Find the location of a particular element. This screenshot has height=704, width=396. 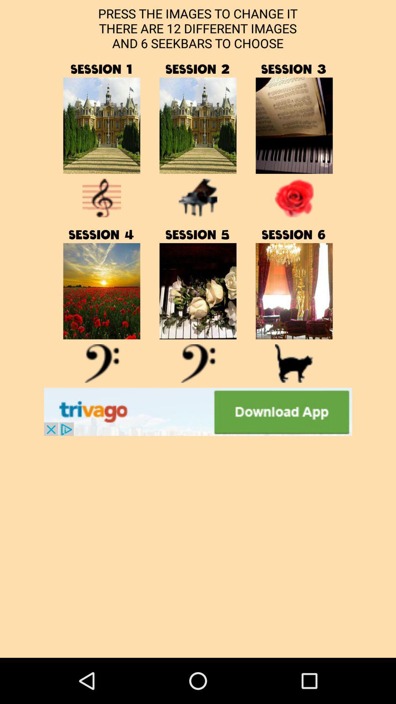

music selection image is located at coordinates (294, 291).